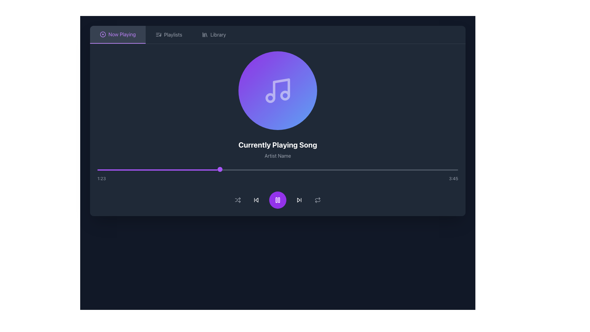 This screenshot has height=332, width=590. I want to click on the visual representation of the icon resembling a list with a musical note, located to the left of the 'Playlists' text in the upper navigation bar, so click(158, 34).